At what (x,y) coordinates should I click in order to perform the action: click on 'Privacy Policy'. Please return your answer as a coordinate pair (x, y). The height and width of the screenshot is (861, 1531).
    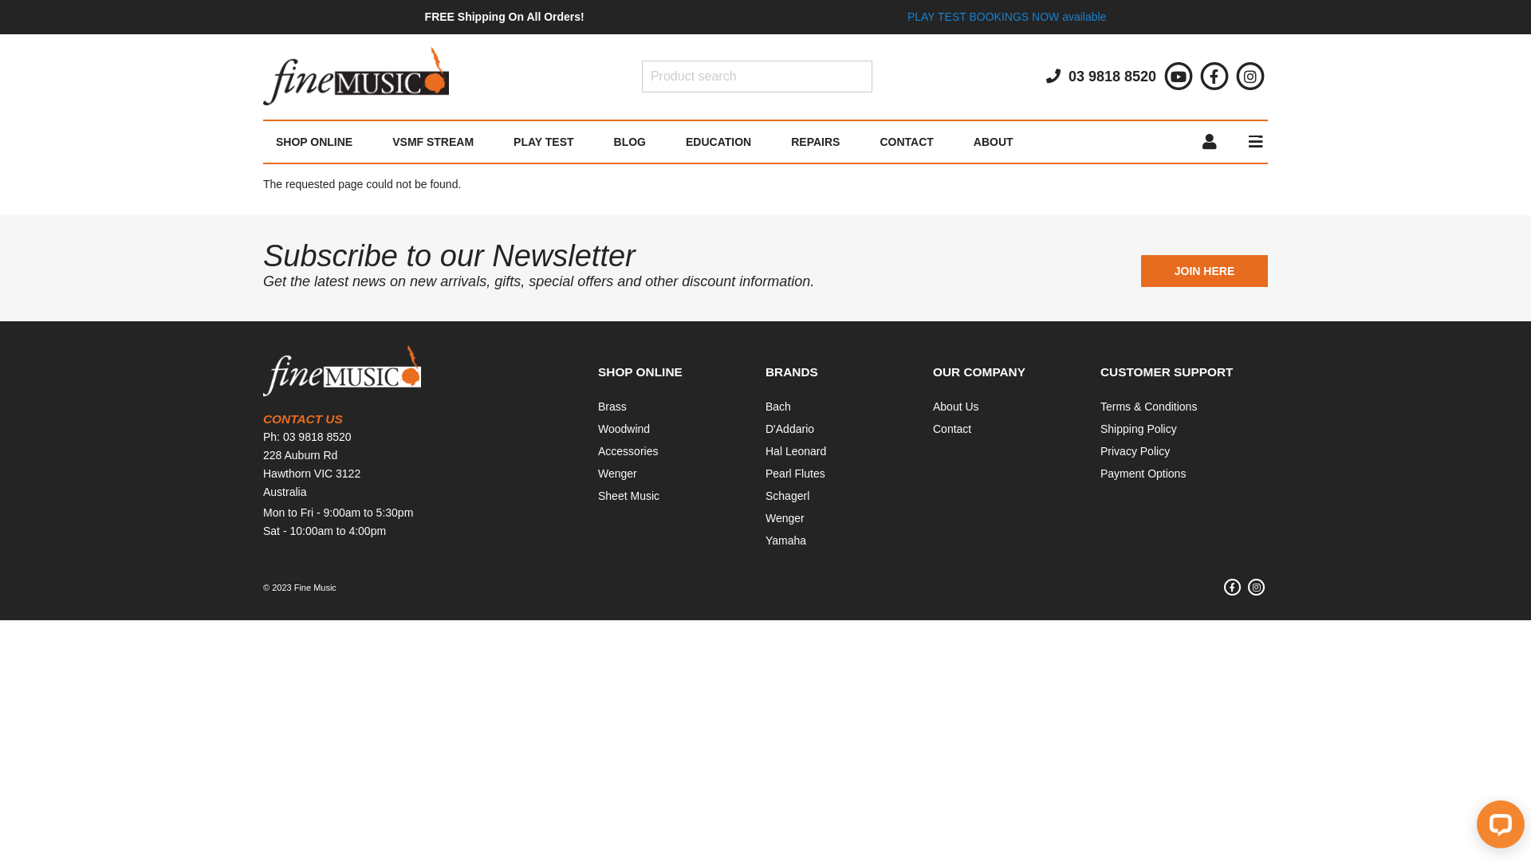
    Looking at the image, I should click on (1100, 451).